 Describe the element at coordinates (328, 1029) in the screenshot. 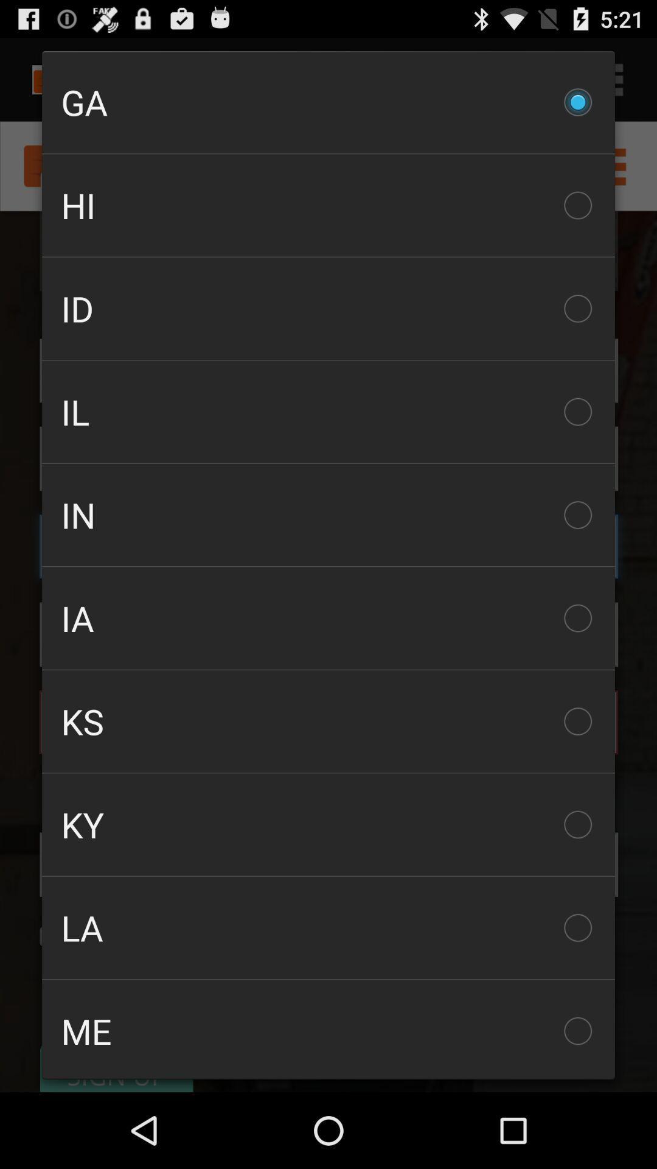

I see `the checkbox below the la` at that location.